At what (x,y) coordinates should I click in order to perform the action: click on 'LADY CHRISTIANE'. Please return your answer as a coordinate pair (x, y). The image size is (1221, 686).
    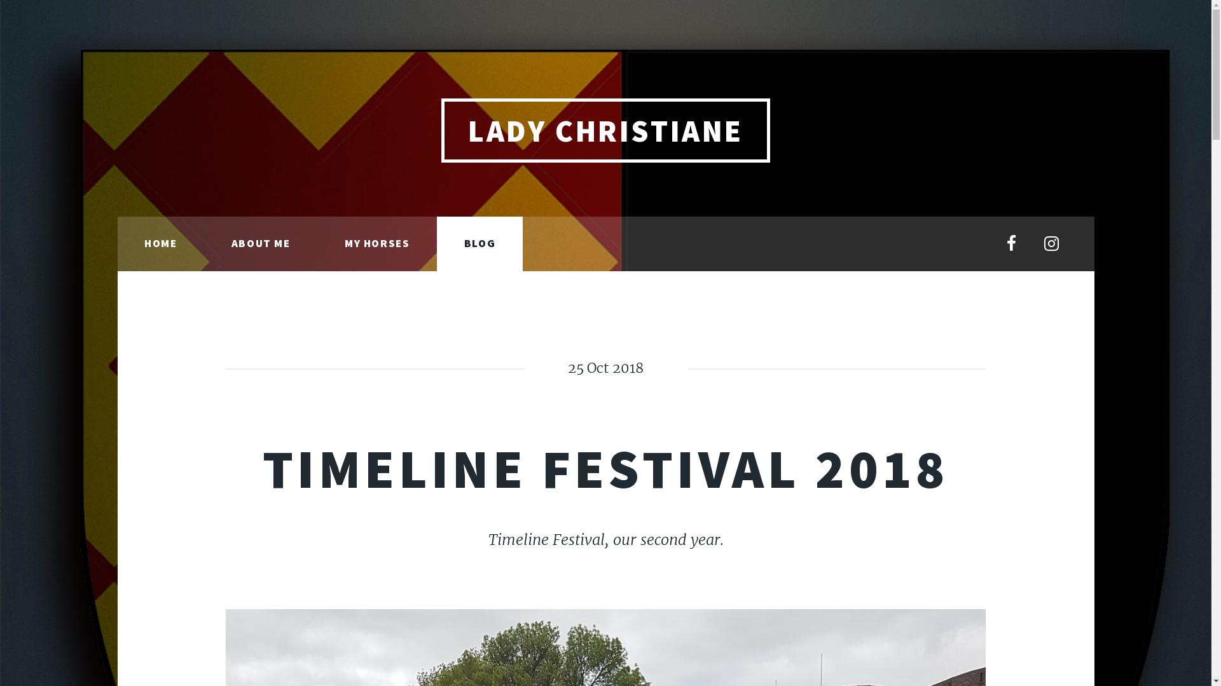
    Looking at the image, I should click on (605, 130).